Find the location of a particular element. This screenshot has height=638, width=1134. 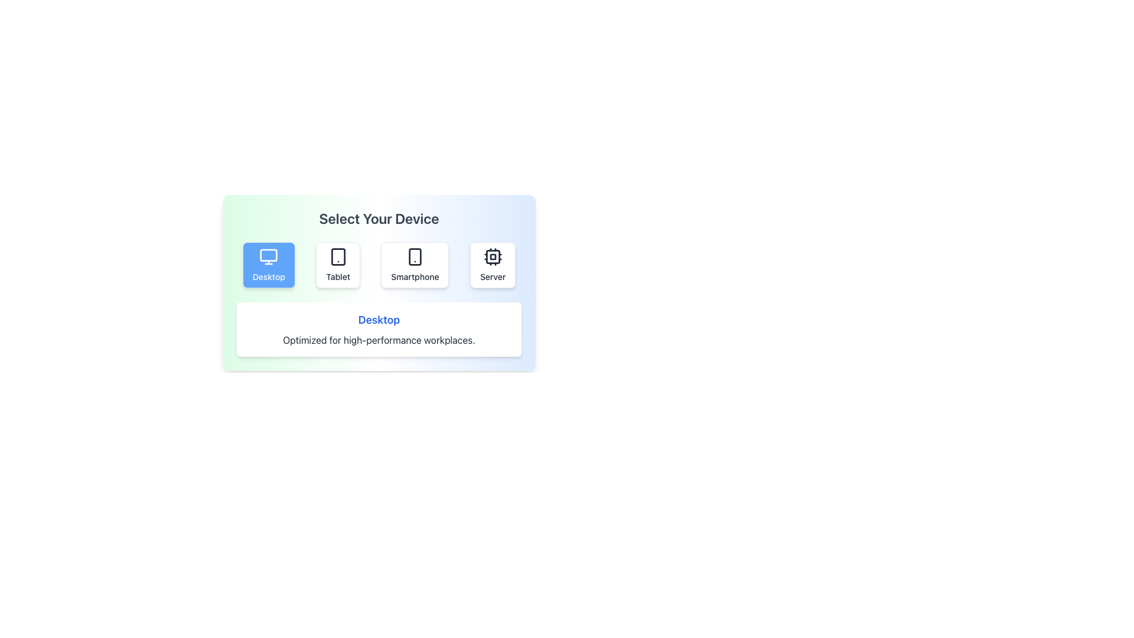

the 'Smartphone' button in the 'Select Your Device' section is located at coordinates (415, 264).